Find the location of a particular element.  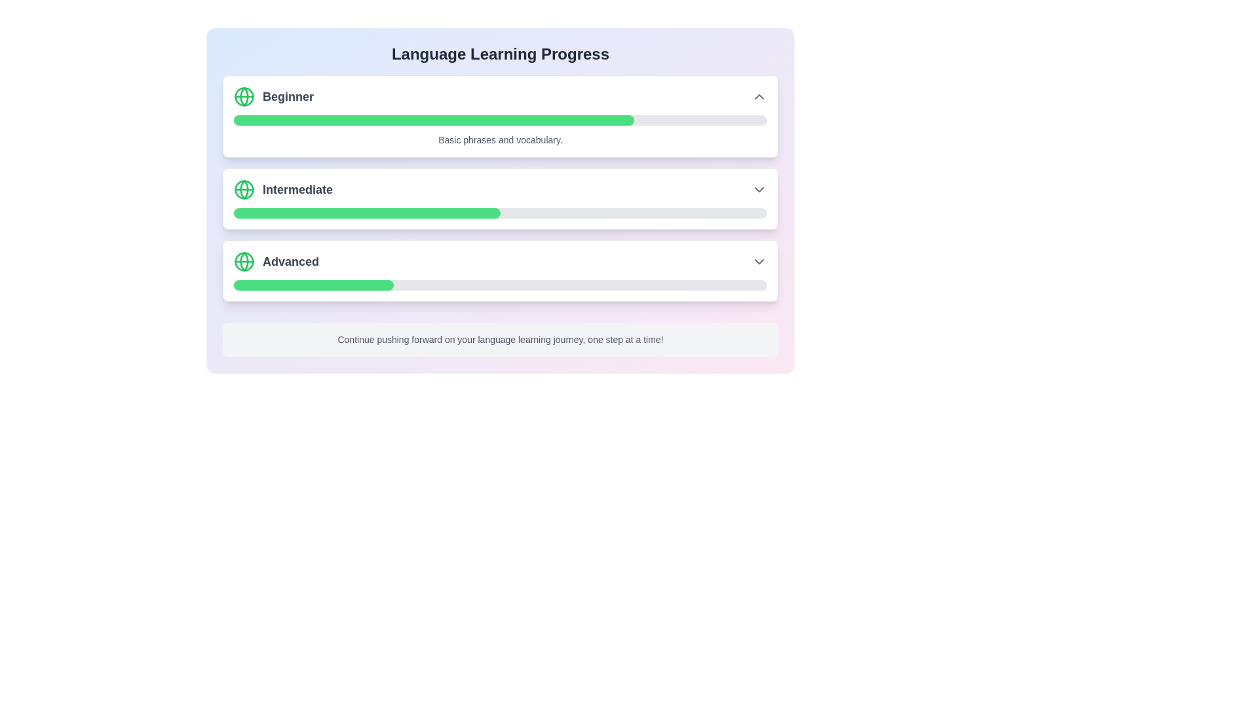

the downward-pointing chevron icon on the far right side of the 'Advanced' section is located at coordinates (759, 262).